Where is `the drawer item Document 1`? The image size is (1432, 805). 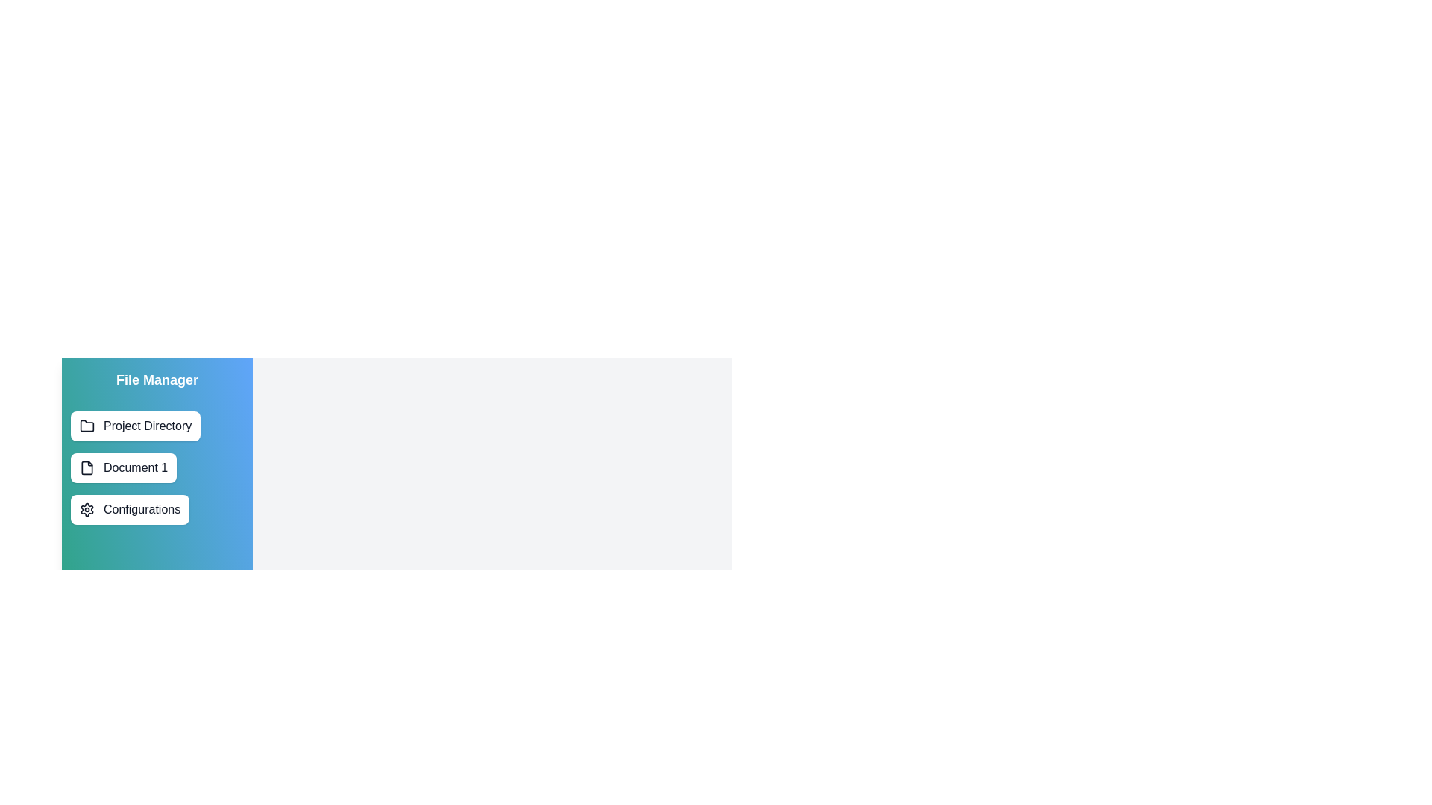 the drawer item Document 1 is located at coordinates (124, 467).